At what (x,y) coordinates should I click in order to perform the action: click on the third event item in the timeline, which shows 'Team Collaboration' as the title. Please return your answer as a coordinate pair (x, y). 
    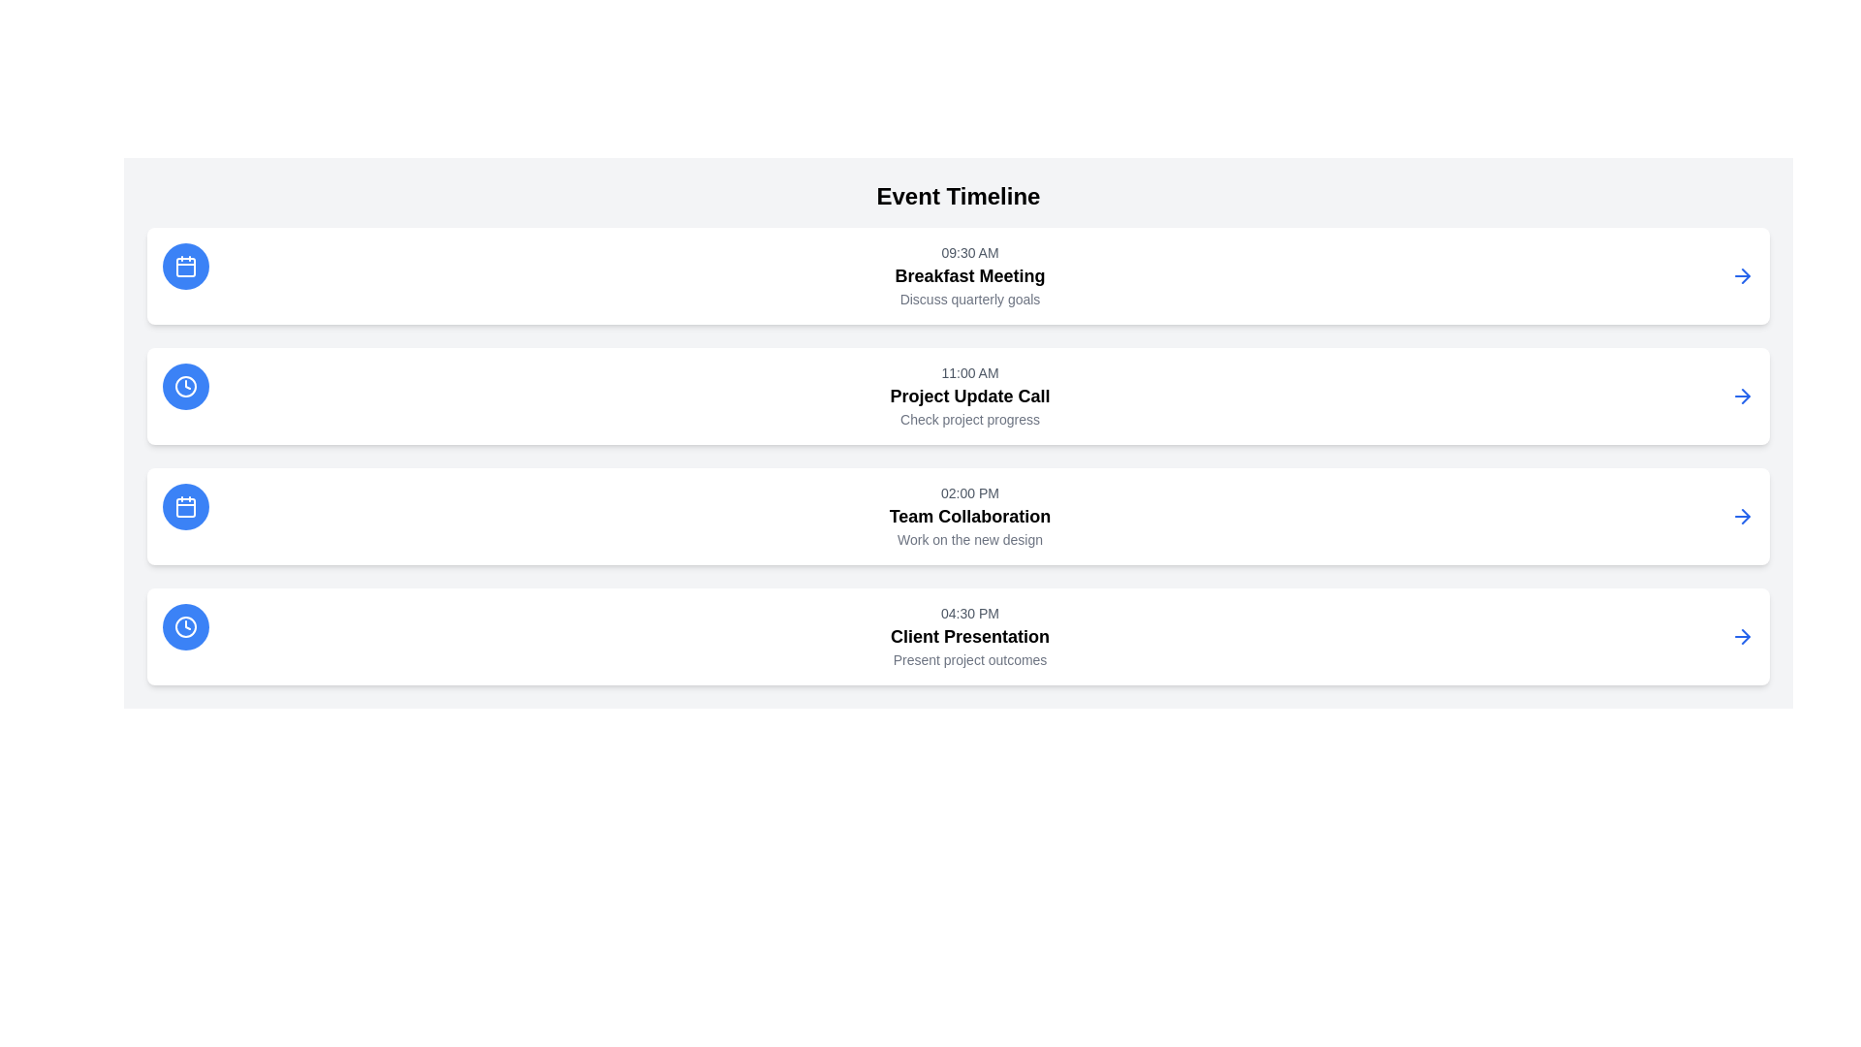
    Looking at the image, I should click on (970, 515).